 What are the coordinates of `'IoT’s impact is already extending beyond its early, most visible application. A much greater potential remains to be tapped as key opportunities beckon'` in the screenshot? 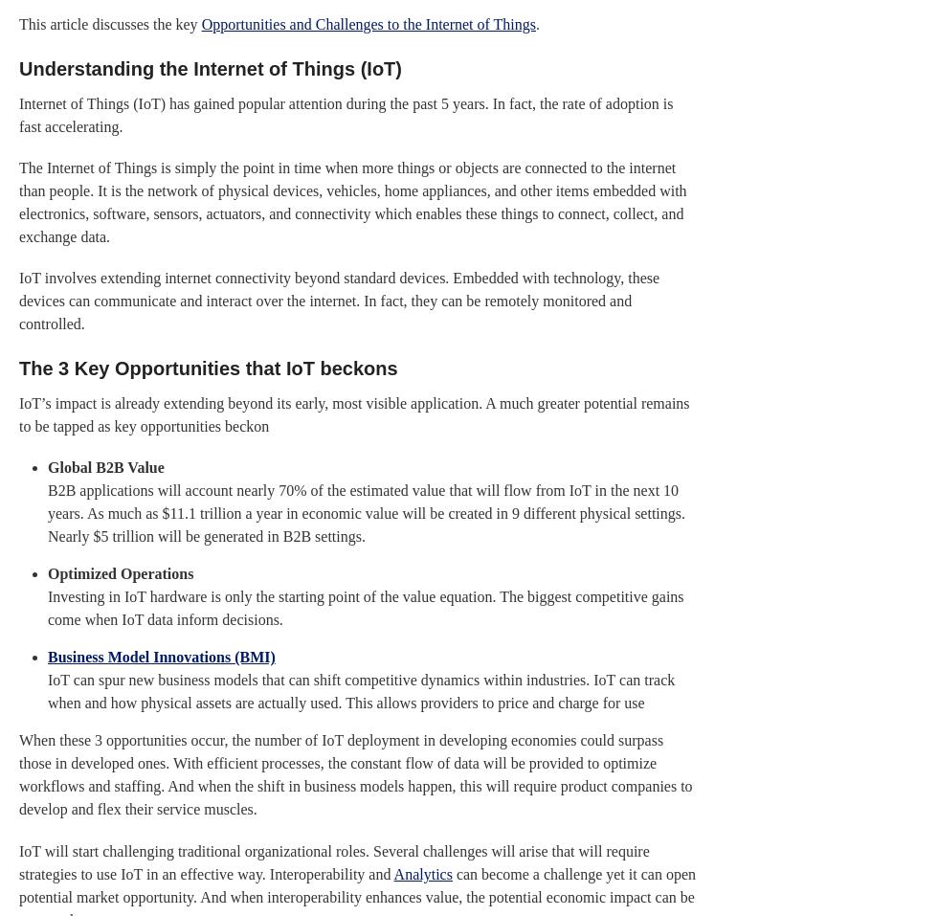 It's located at (354, 413).